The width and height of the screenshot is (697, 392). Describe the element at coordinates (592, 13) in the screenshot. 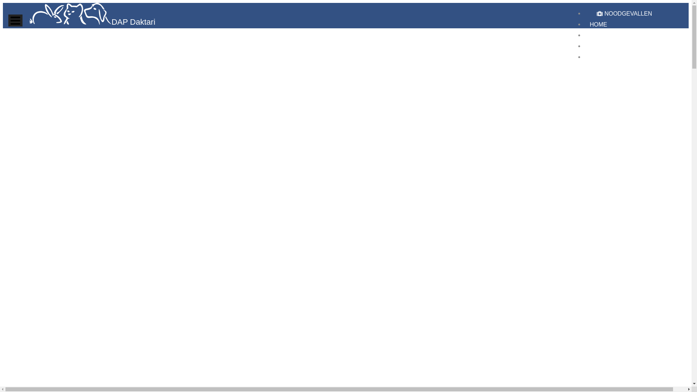

I see `'NOODGEVALLEN'` at that location.